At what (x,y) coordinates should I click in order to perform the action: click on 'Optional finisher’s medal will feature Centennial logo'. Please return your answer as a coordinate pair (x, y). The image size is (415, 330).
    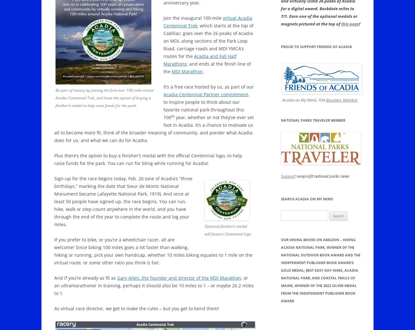
    Looking at the image, I should click on (228, 230).